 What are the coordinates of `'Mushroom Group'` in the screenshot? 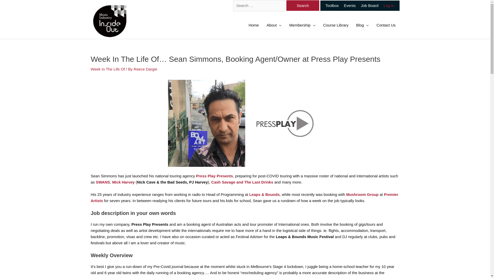 It's located at (362, 194).